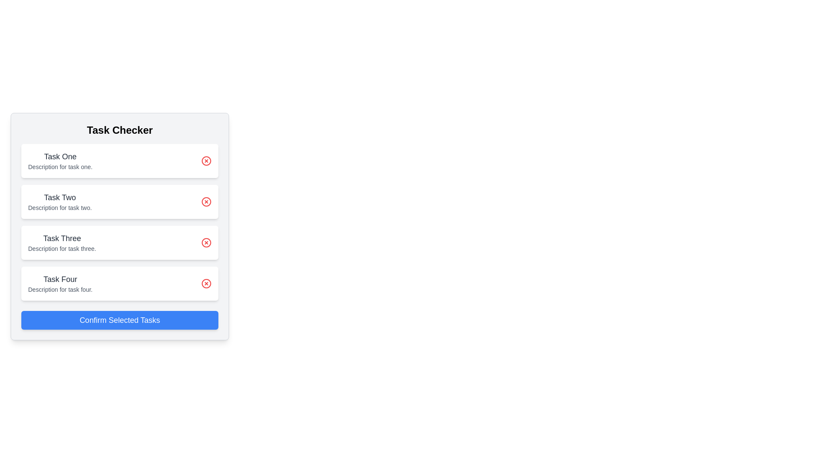  What do you see at coordinates (206, 243) in the screenshot?
I see `the Icon Button located to the far right of the 'Task Three' list item` at bounding box center [206, 243].